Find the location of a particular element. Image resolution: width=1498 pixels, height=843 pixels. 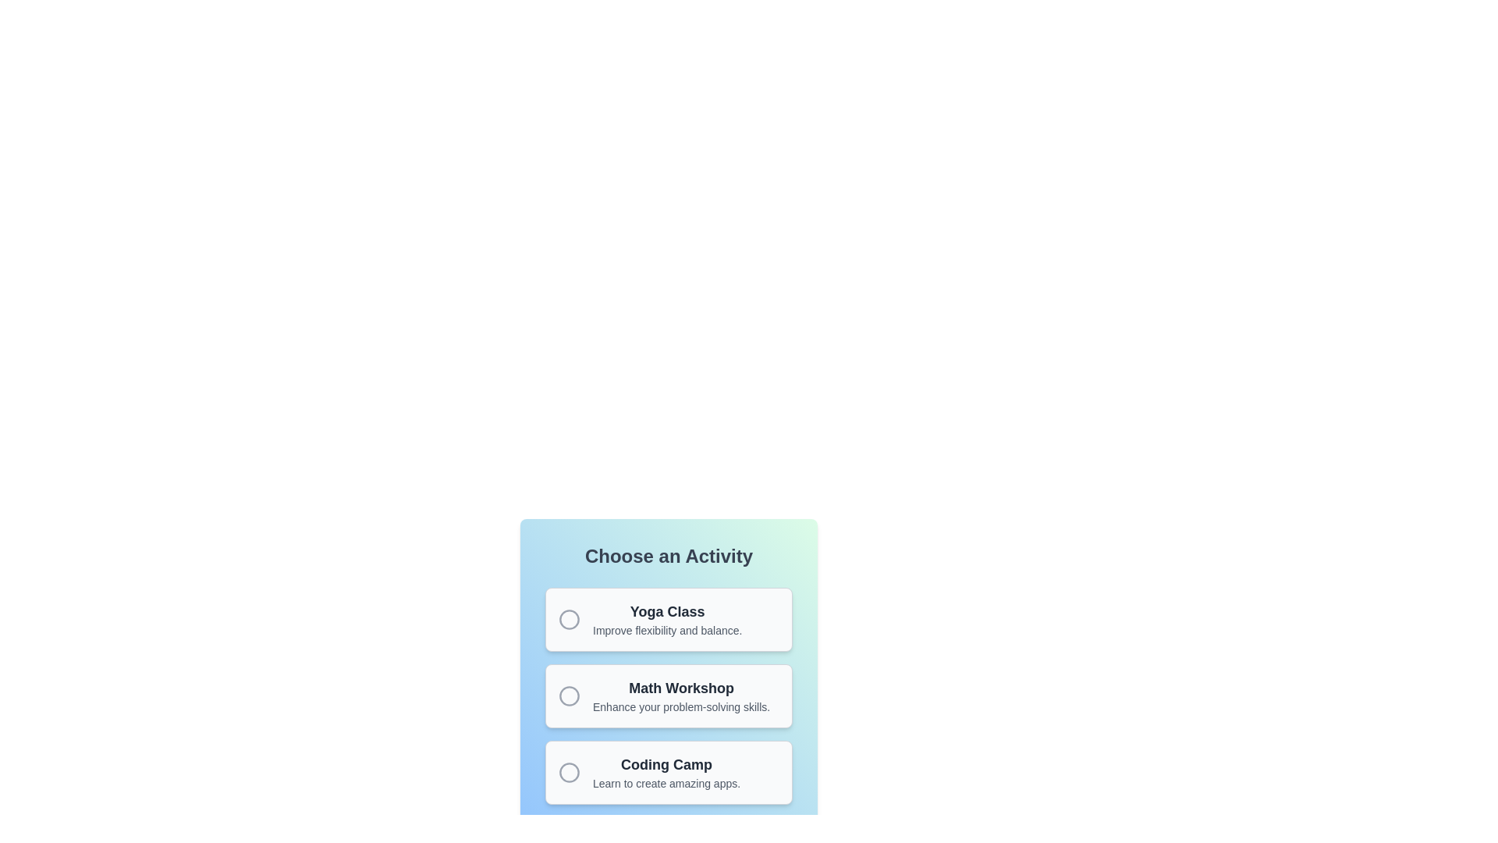

to select the 'Coding Camp' activity card, which is the third card in the list under 'Choose an Activity', featuring a light gray background and a bold title is located at coordinates (669, 773).